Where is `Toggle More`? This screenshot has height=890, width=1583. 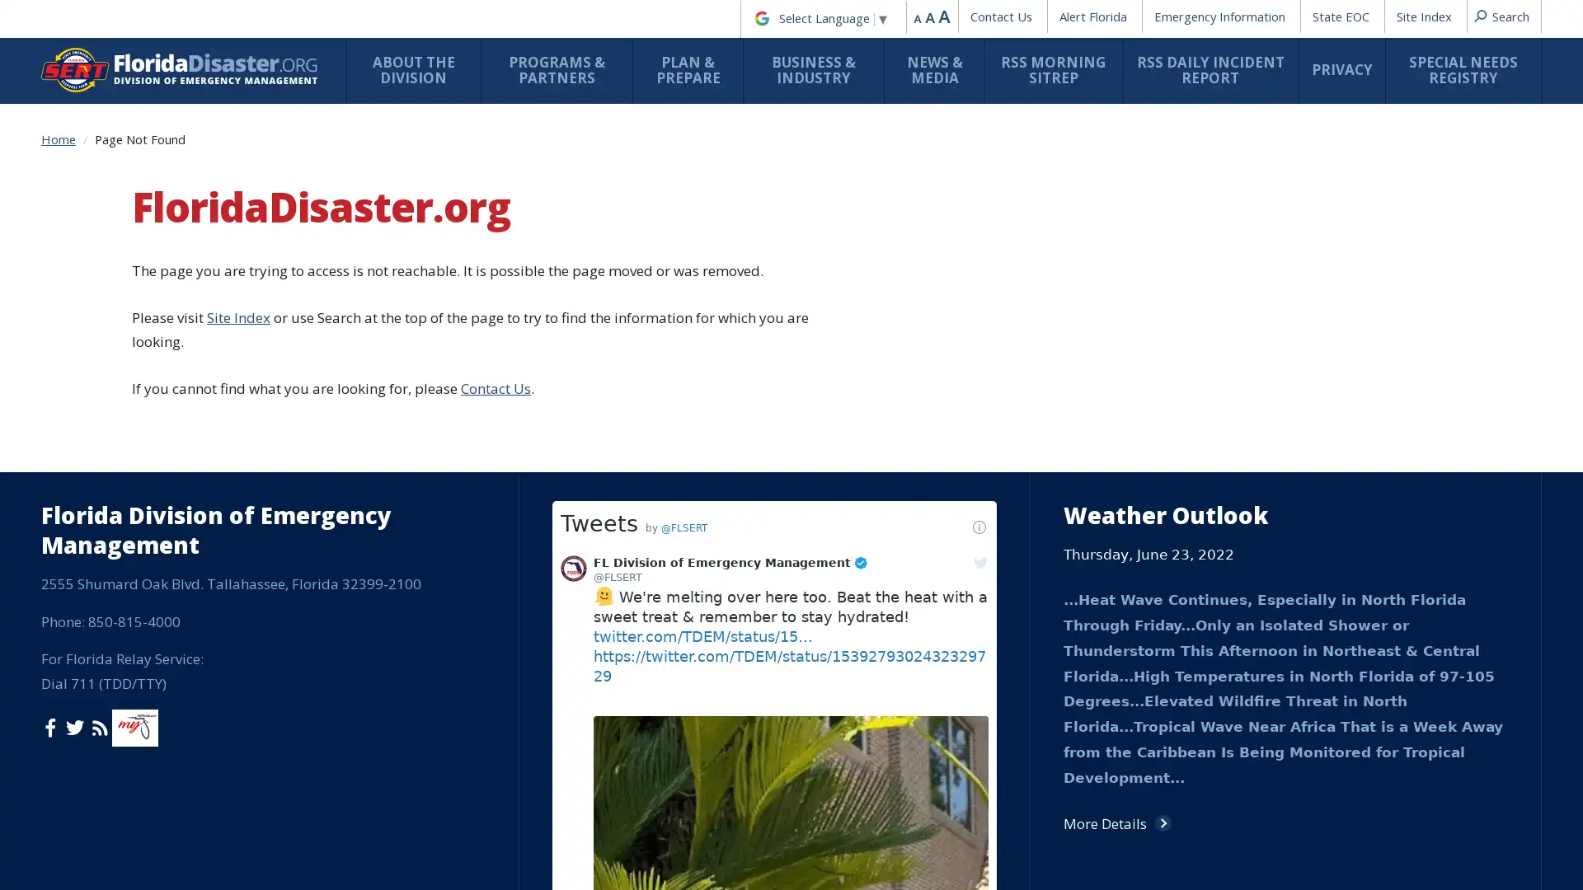 Toggle More is located at coordinates (660, 573).